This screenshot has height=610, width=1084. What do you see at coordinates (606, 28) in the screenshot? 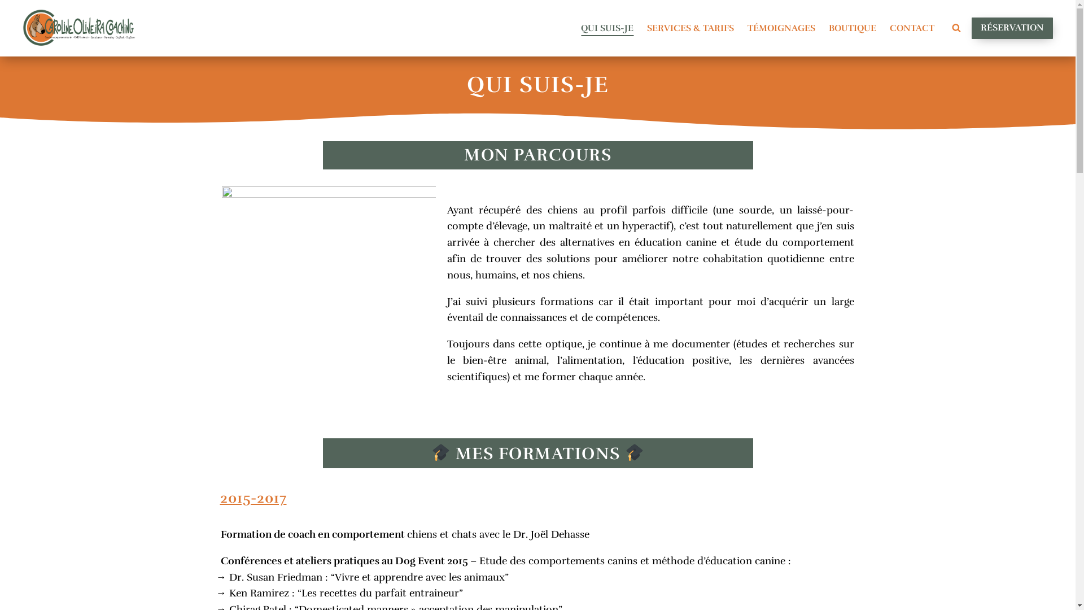
I see `'QUI SUIS-JE'` at bounding box center [606, 28].